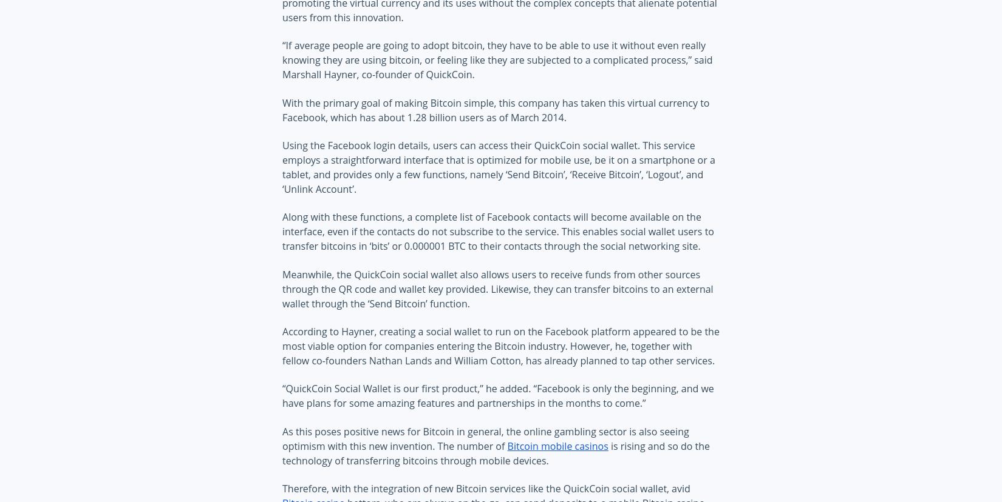  Describe the element at coordinates (497, 60) in the screenshot. I see `'“If average people are going to adopt bitcoin, they have to be able to use it without even really knowing they are using bitcoin, or feeling like they are subjected to a complicated process,” said Marshall Hayner, co-founder of QuickCoin.'` at that location.